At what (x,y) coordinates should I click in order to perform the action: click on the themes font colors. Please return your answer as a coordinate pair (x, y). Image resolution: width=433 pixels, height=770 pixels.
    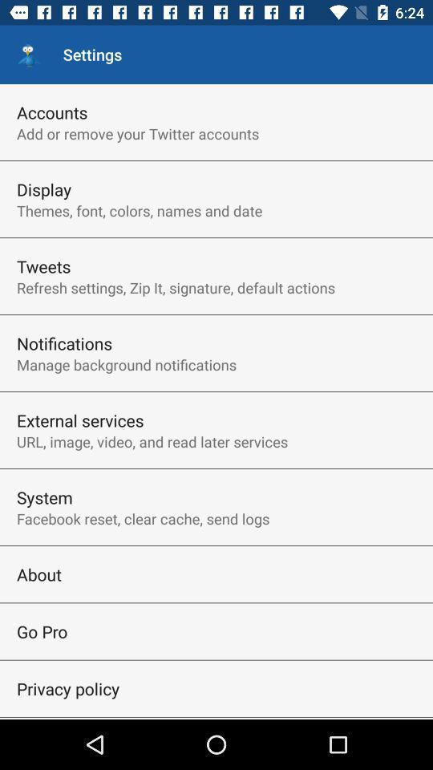
    Looking at the image, I should click on (140, 209).